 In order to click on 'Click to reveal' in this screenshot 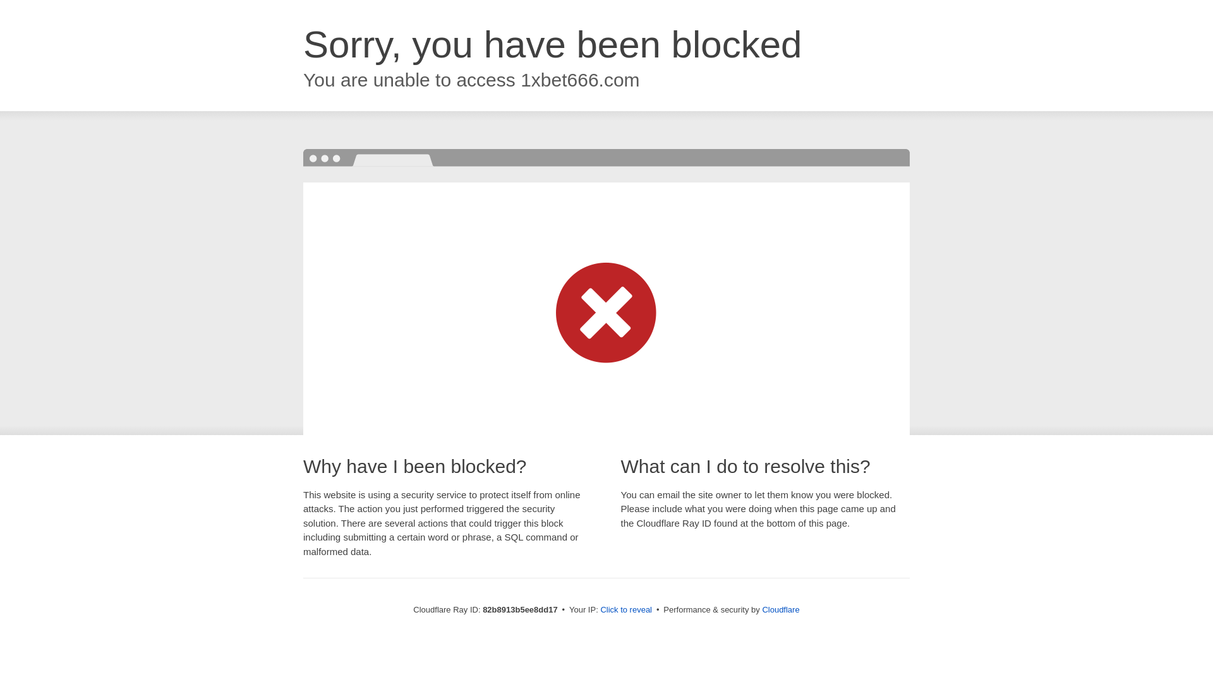, I will do `click(625, 609)`.